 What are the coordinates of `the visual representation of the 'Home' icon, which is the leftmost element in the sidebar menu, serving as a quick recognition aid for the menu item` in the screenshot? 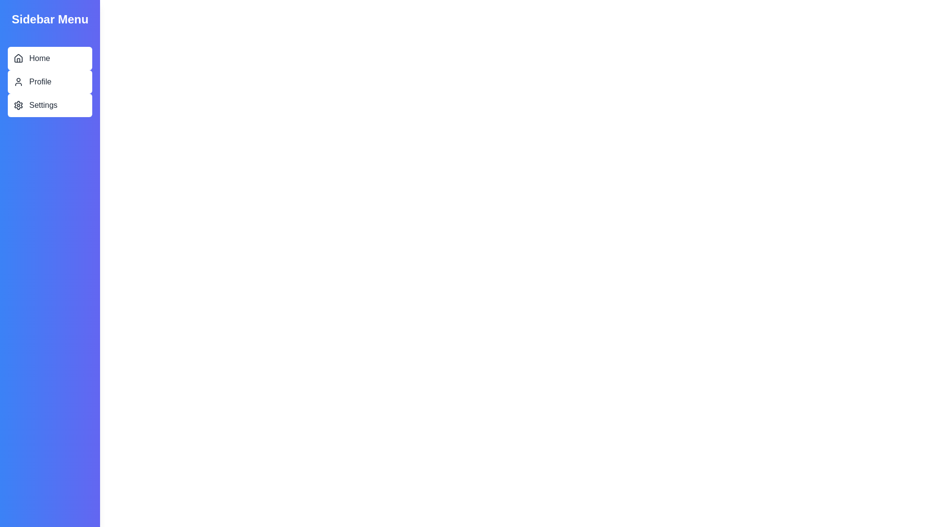 It's located at (19, 58).